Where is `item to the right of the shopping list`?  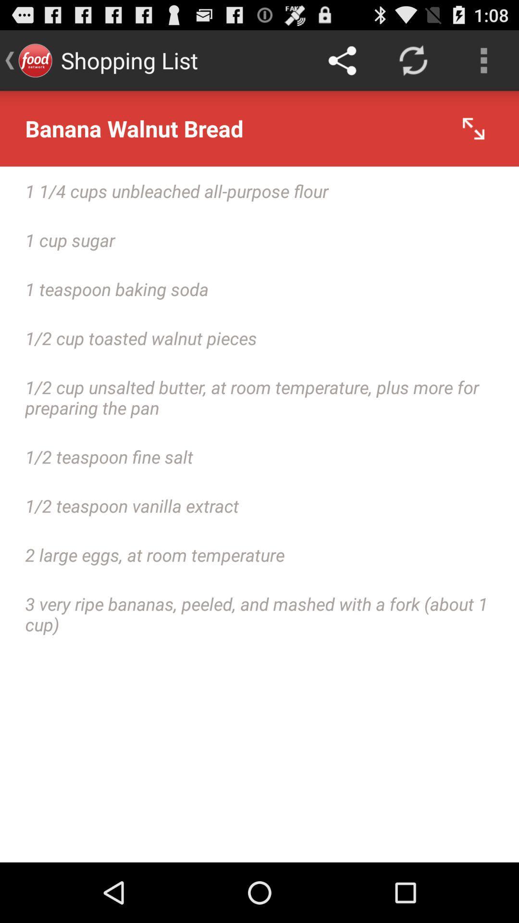
item to the right of the shopping list is located at coordinates (342, 60).